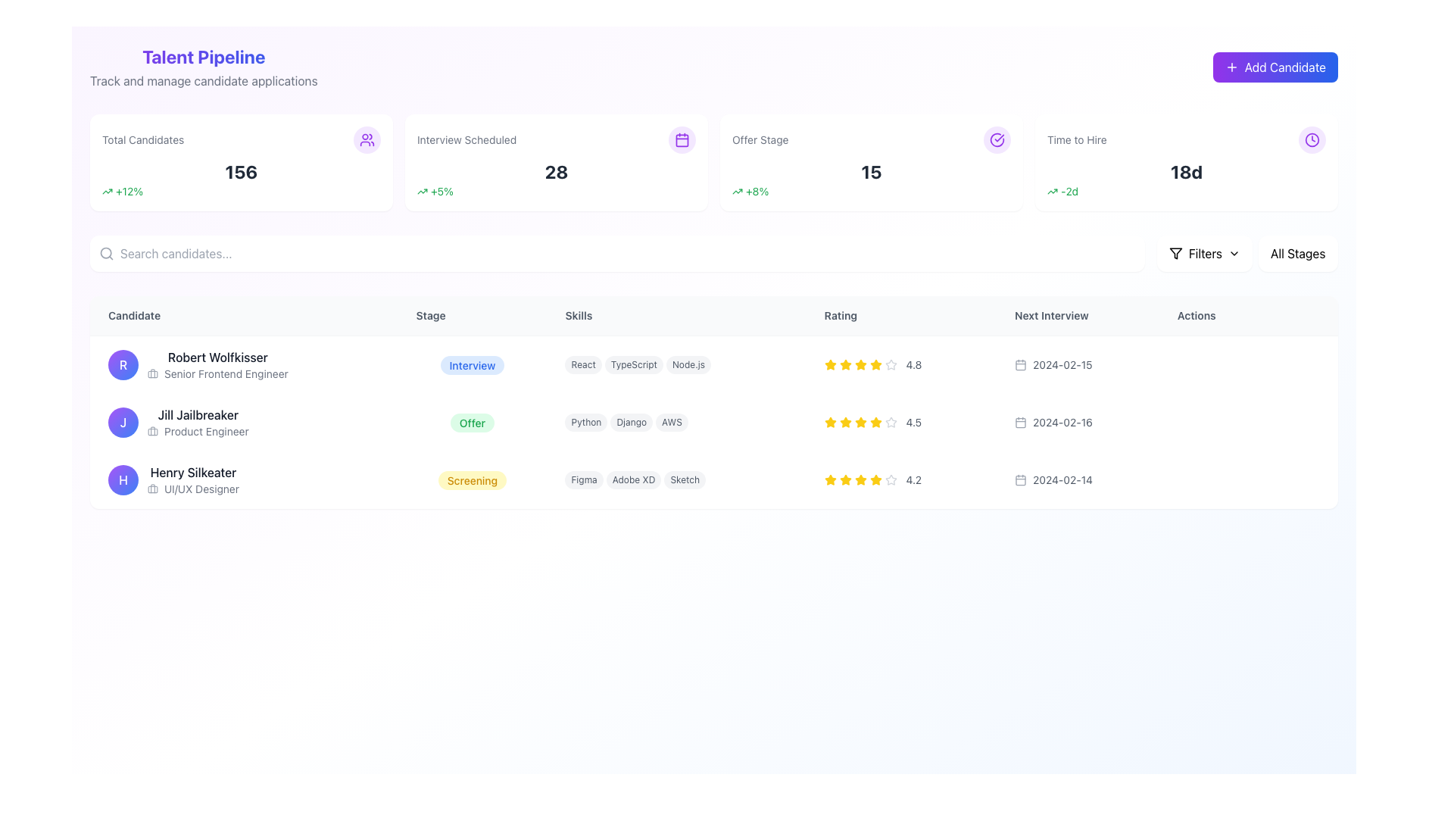  I want to click on the icon representing the professional context for 'Robert Wolfkisser', the Senior Frontend Engineer, located to the left of the name and title, so click(152, 373).